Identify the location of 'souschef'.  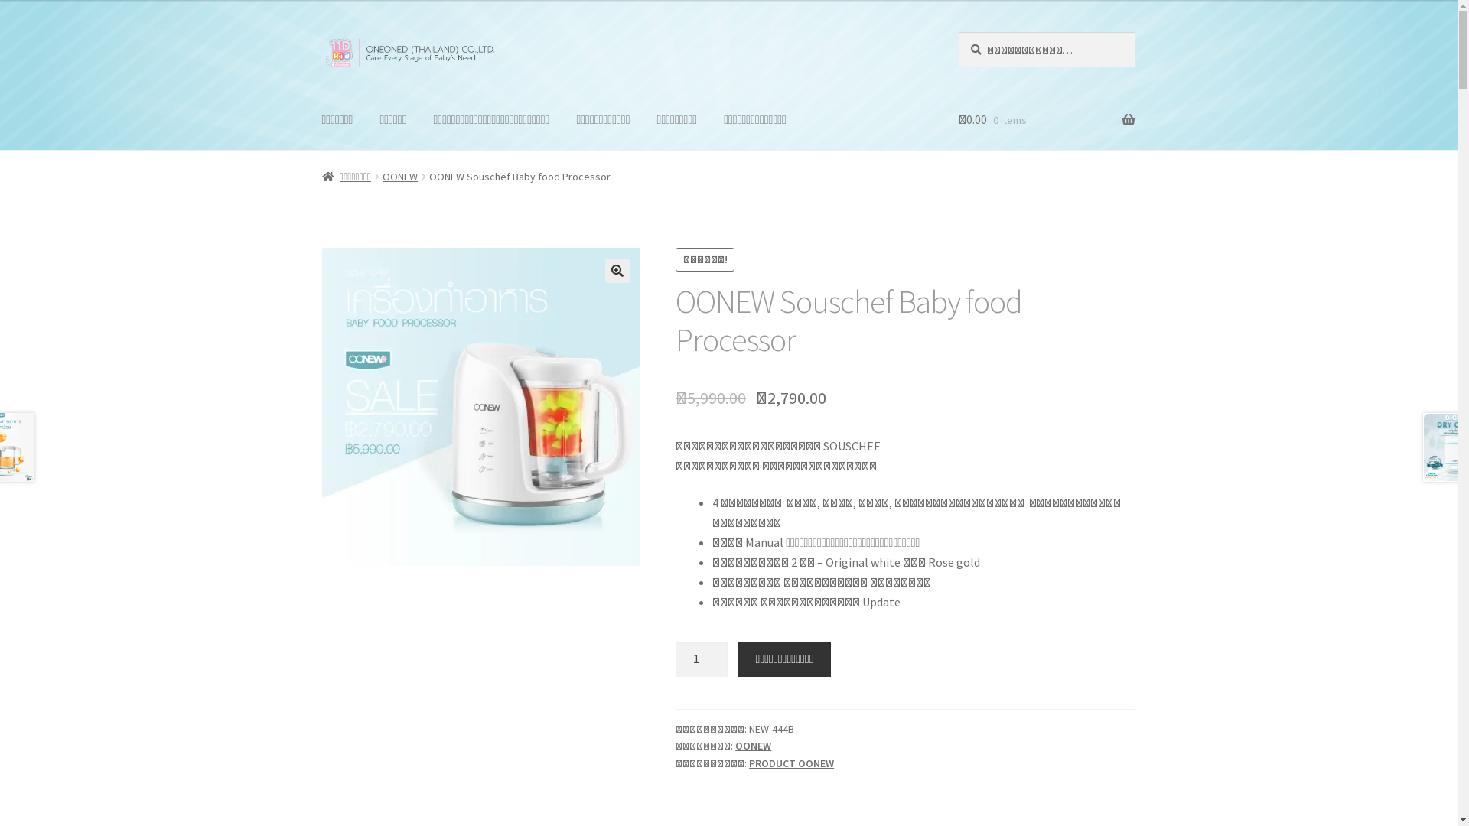
(480, 406).